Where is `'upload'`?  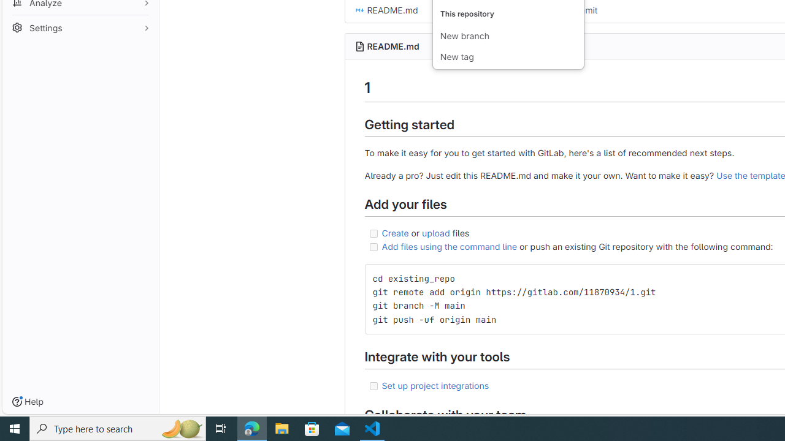 'upload' is located at coordinates (436, 232).